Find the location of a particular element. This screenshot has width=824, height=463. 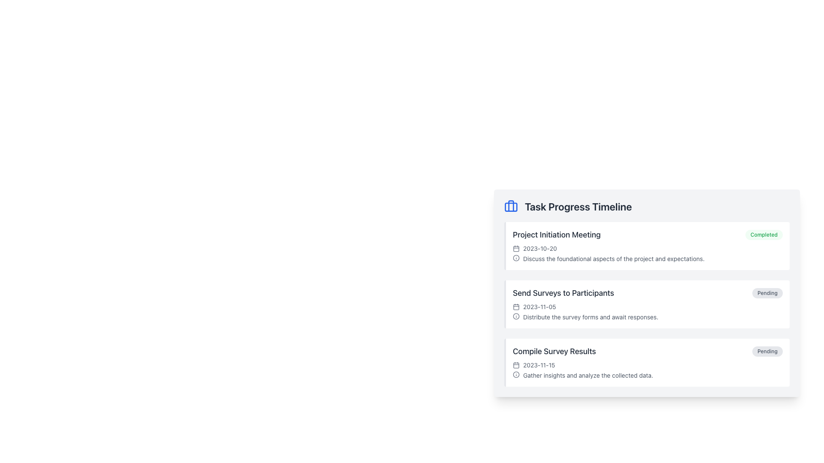

the 'info' icon, which is a circular outline with a gray color scheme, located to the left of the task label 'Compile Survey Results' in the task timeline interface is located at coordinates (516, 374).